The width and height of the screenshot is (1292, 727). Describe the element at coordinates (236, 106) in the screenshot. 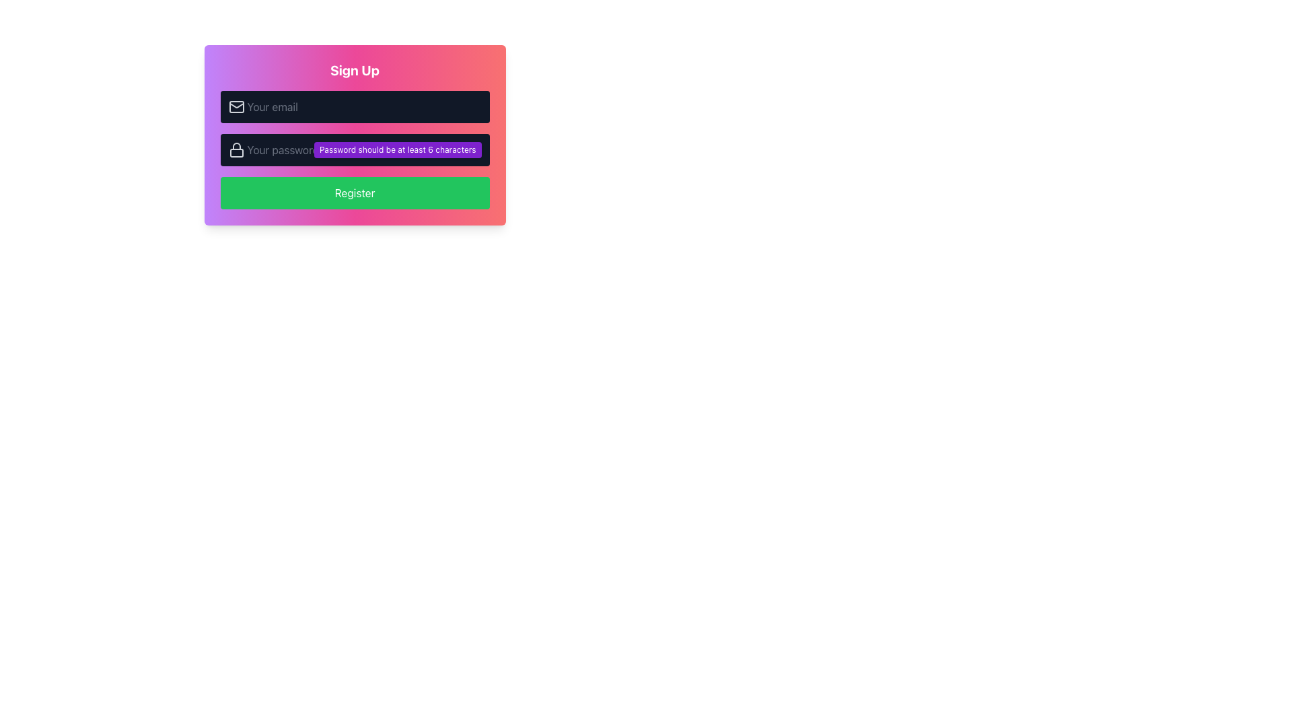

I see `the inner rectangle of the envelope icon located to the left of the 'Your email' input field` at that location.